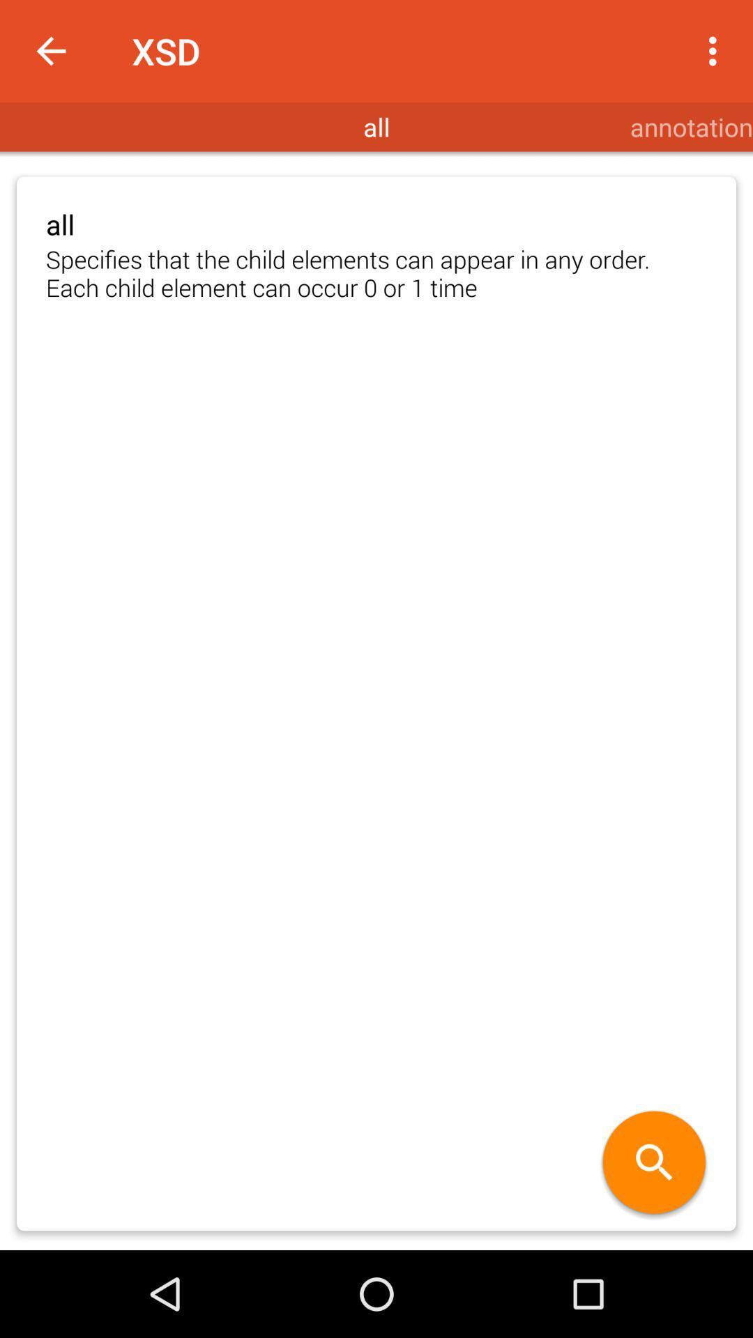 This screenshot has width=753, height=1338. I want to click on the item below specifies that the item, so click(654, 1164).